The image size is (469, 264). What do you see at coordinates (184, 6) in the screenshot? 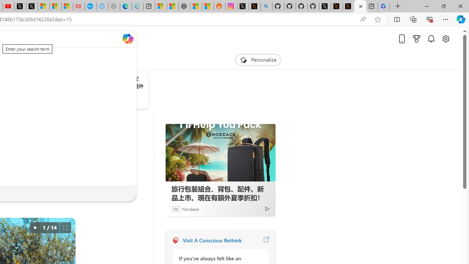
I see `'Nordace - Duffels'` at bounding box center [184, 6].